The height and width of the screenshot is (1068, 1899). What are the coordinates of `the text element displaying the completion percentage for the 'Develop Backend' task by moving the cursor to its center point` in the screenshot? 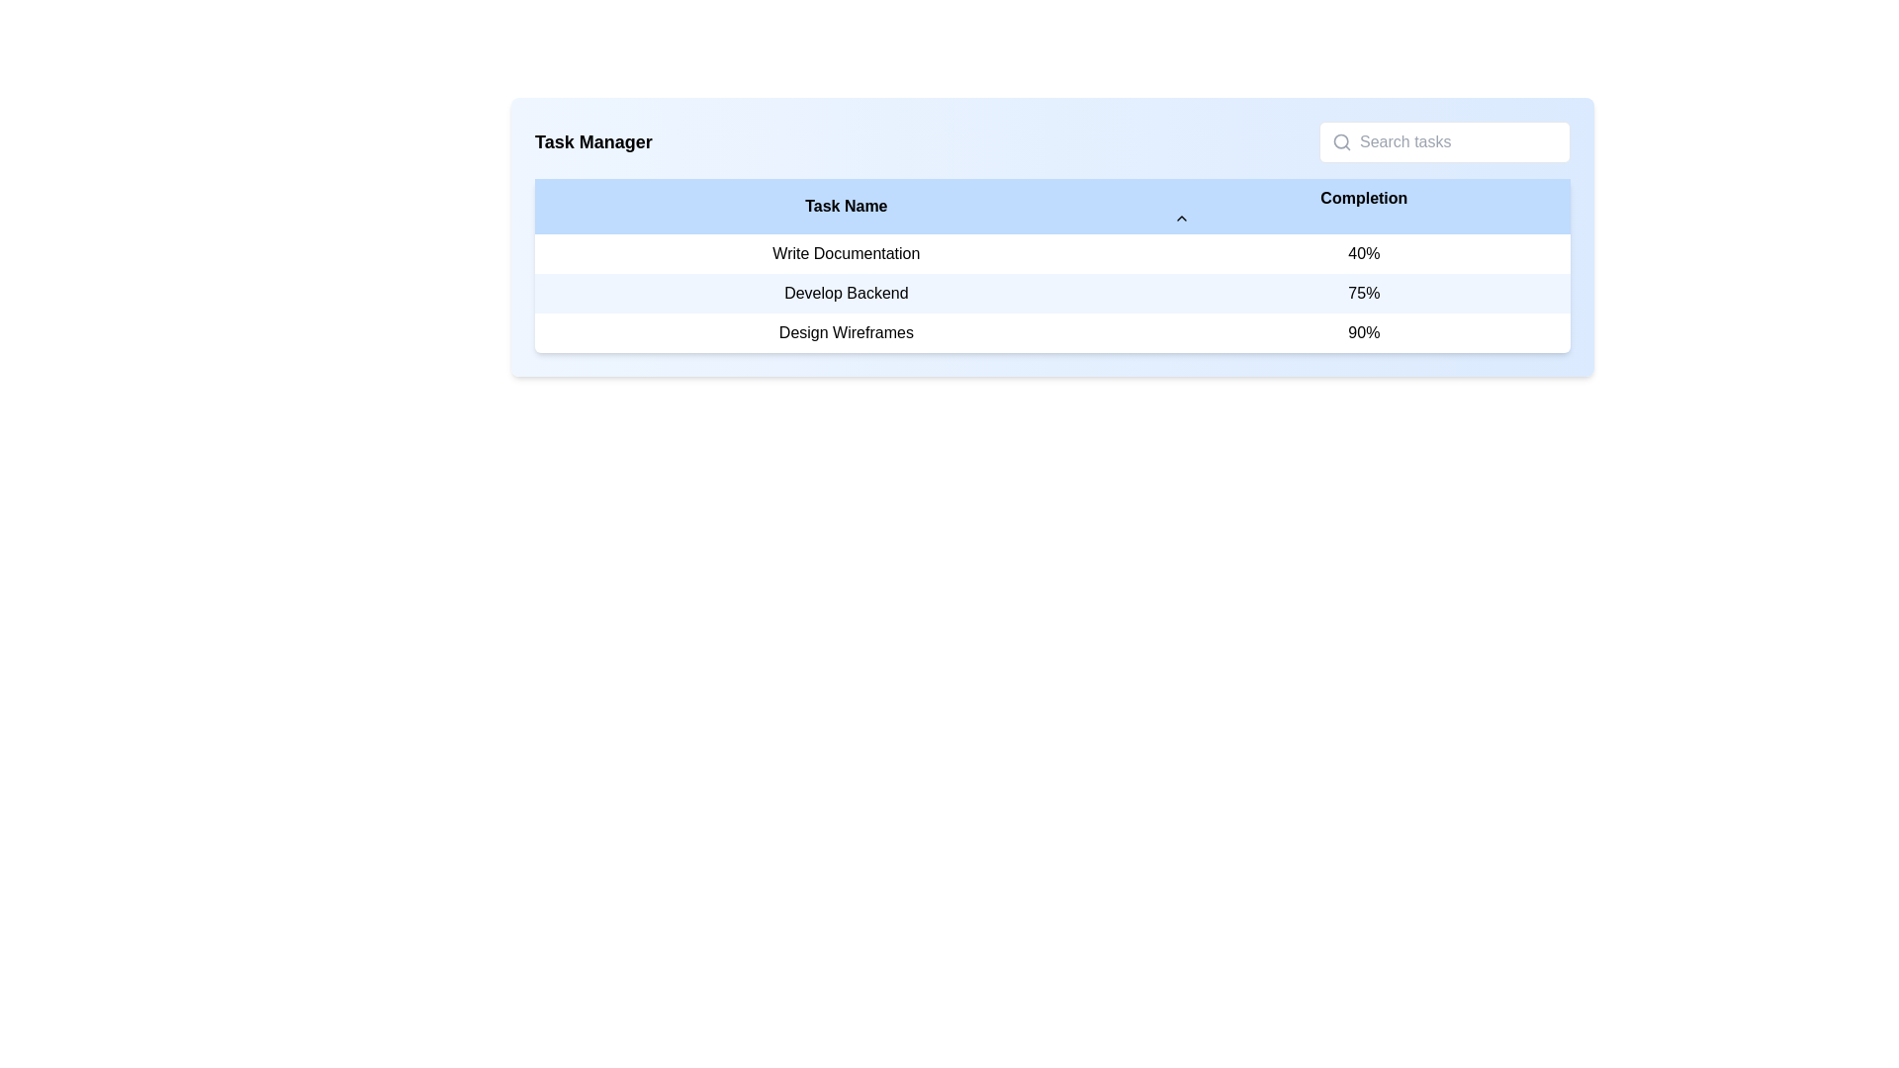 It's located at (1363, 294).